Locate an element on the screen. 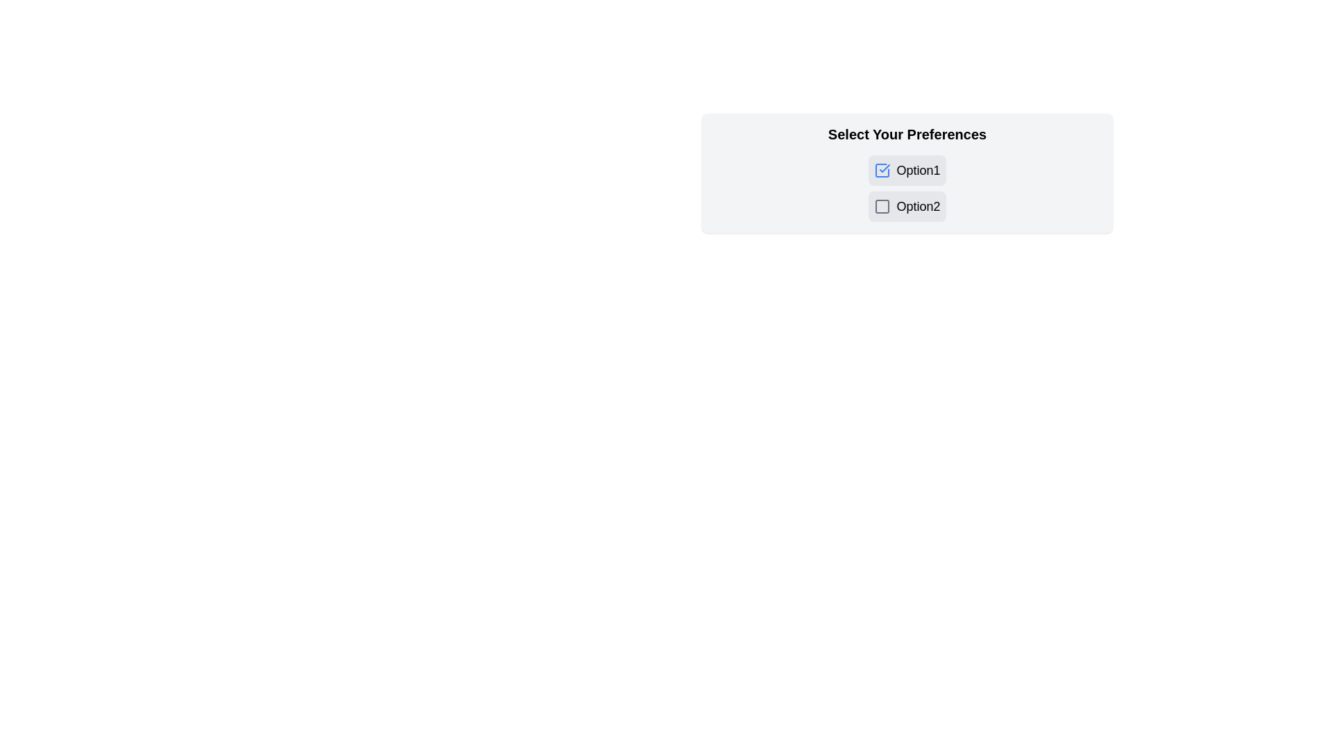 This screenshot has height=749, width=1332. the checkbox with label that is the second option in the vertical list for reordering is located at coordinates (907, 206).